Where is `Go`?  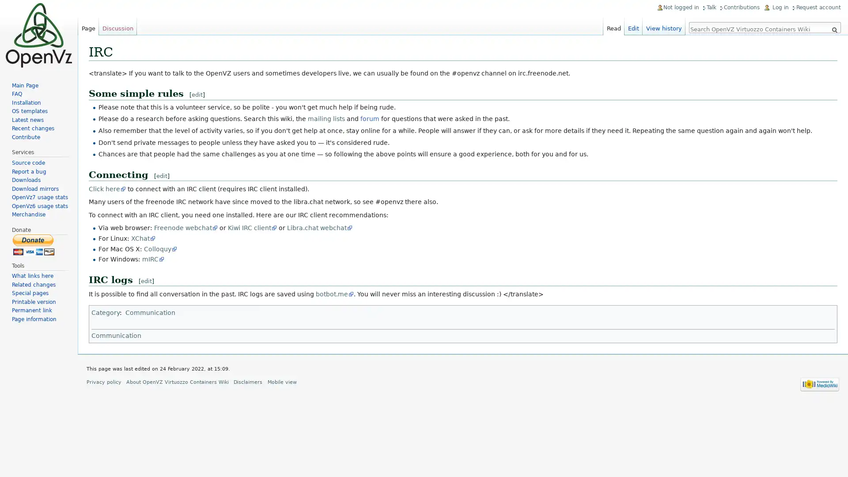
Go is located at coordinates (834, 30).